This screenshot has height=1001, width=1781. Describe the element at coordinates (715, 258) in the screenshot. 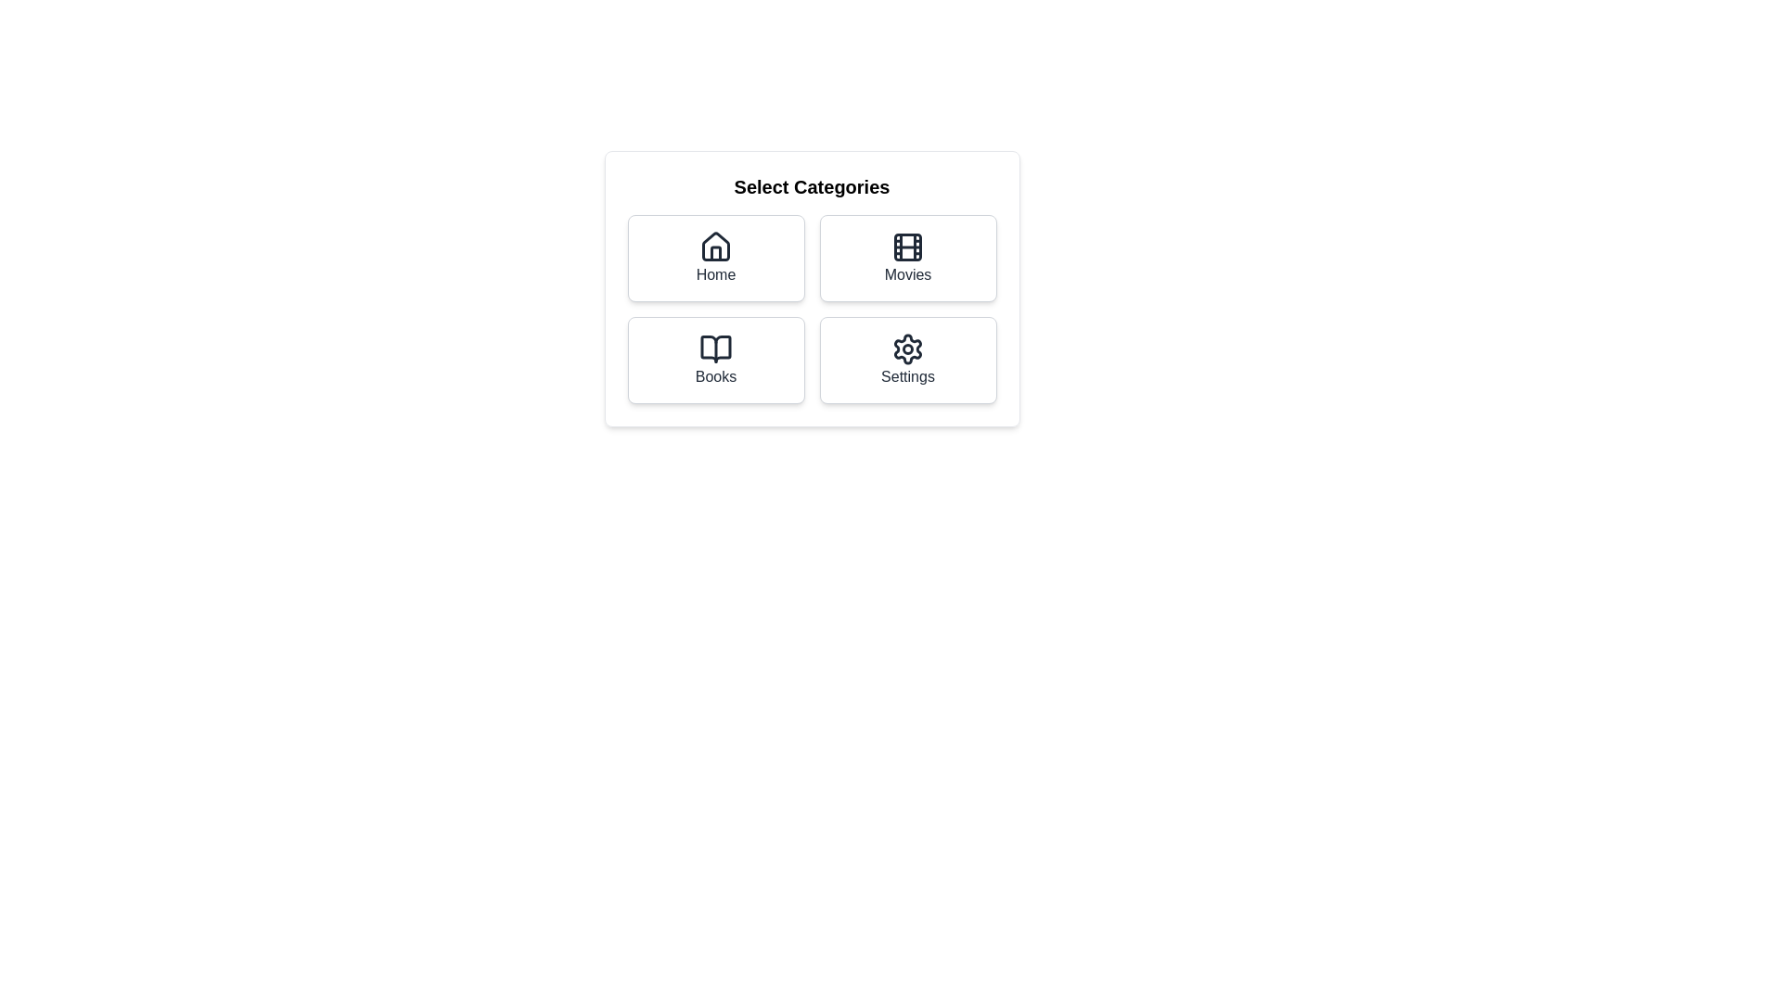

I see `the category Home` at that location.